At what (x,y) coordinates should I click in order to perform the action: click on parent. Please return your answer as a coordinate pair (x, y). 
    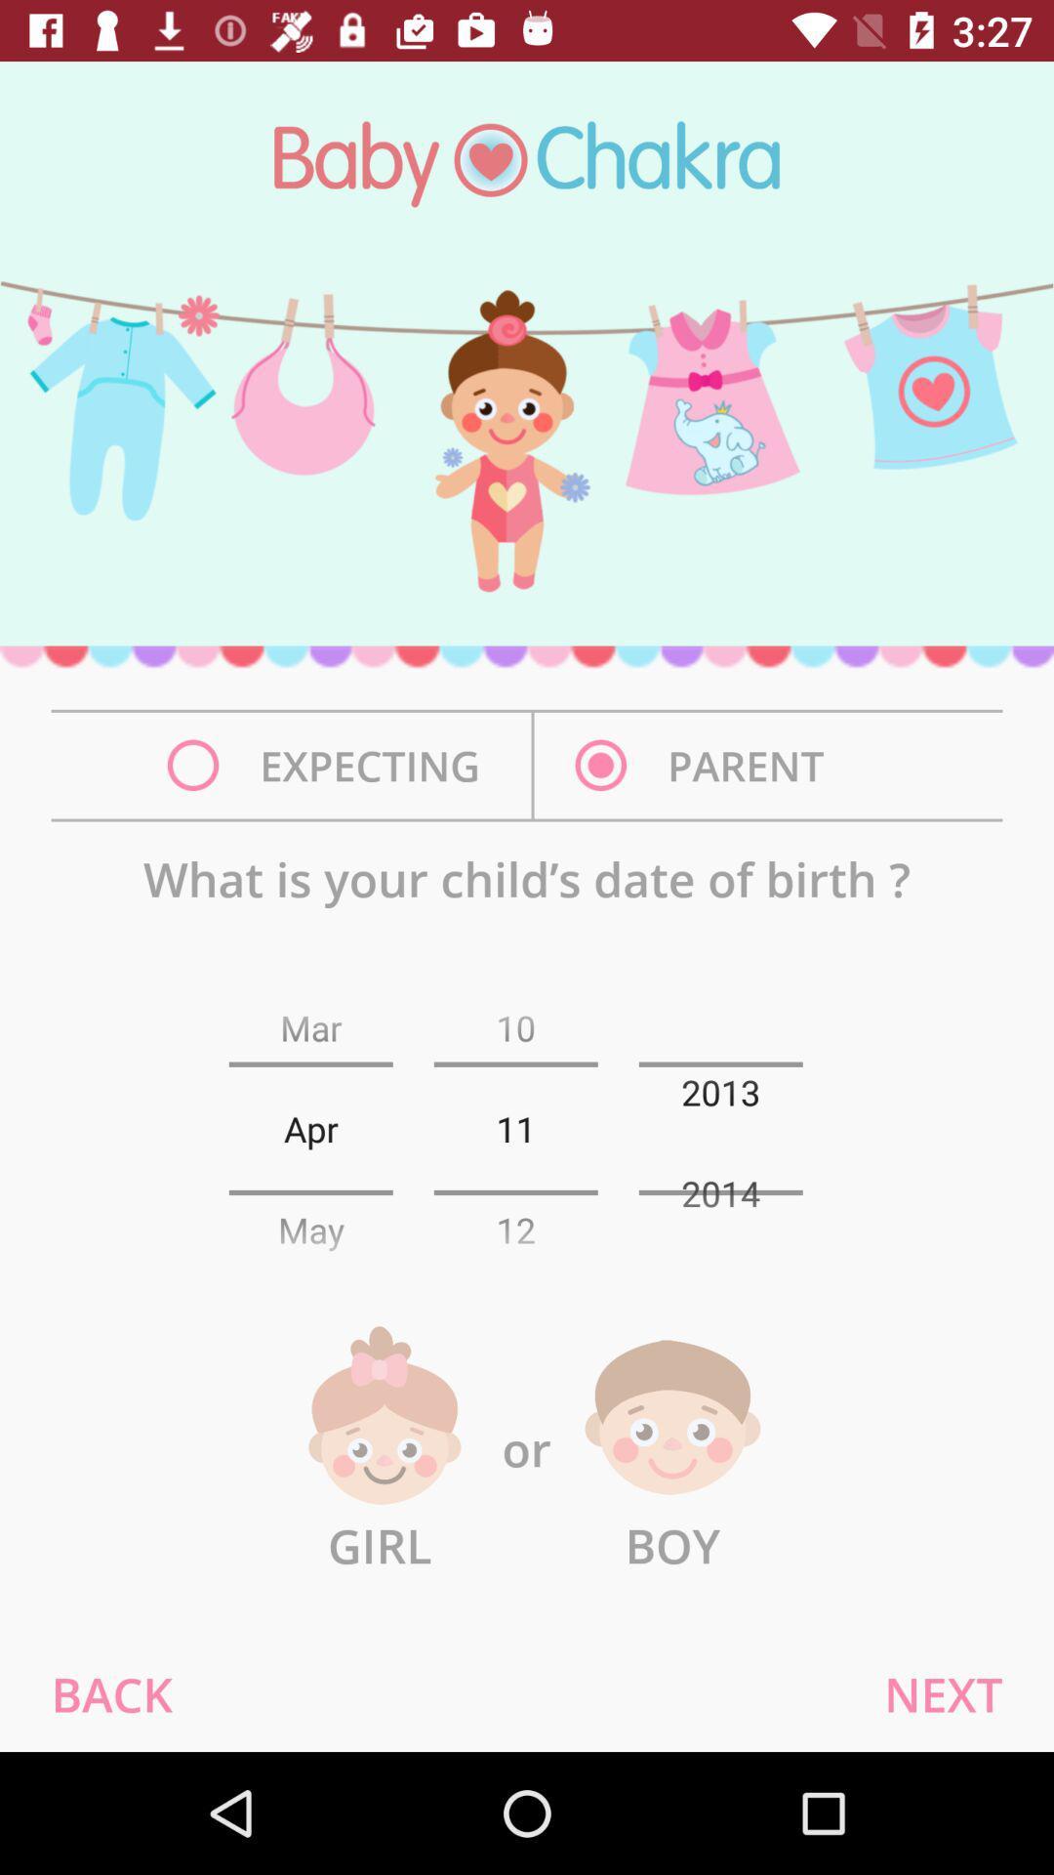
    Looking at the image, I should click on (705, 765).